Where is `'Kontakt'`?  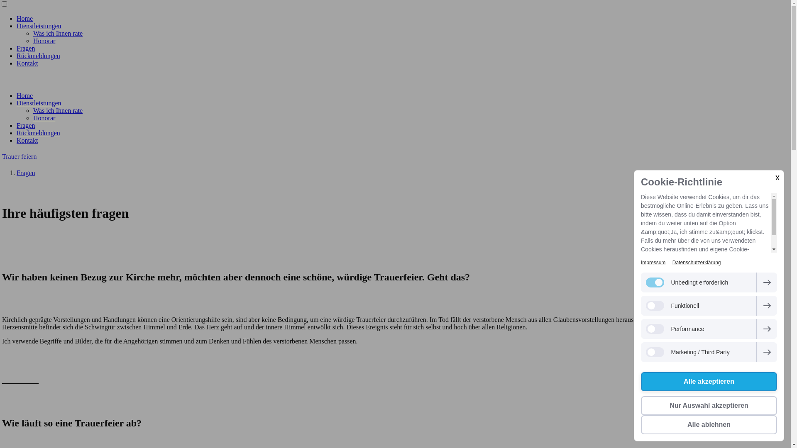 'Kontakt' is located at coordinates (27, 140).